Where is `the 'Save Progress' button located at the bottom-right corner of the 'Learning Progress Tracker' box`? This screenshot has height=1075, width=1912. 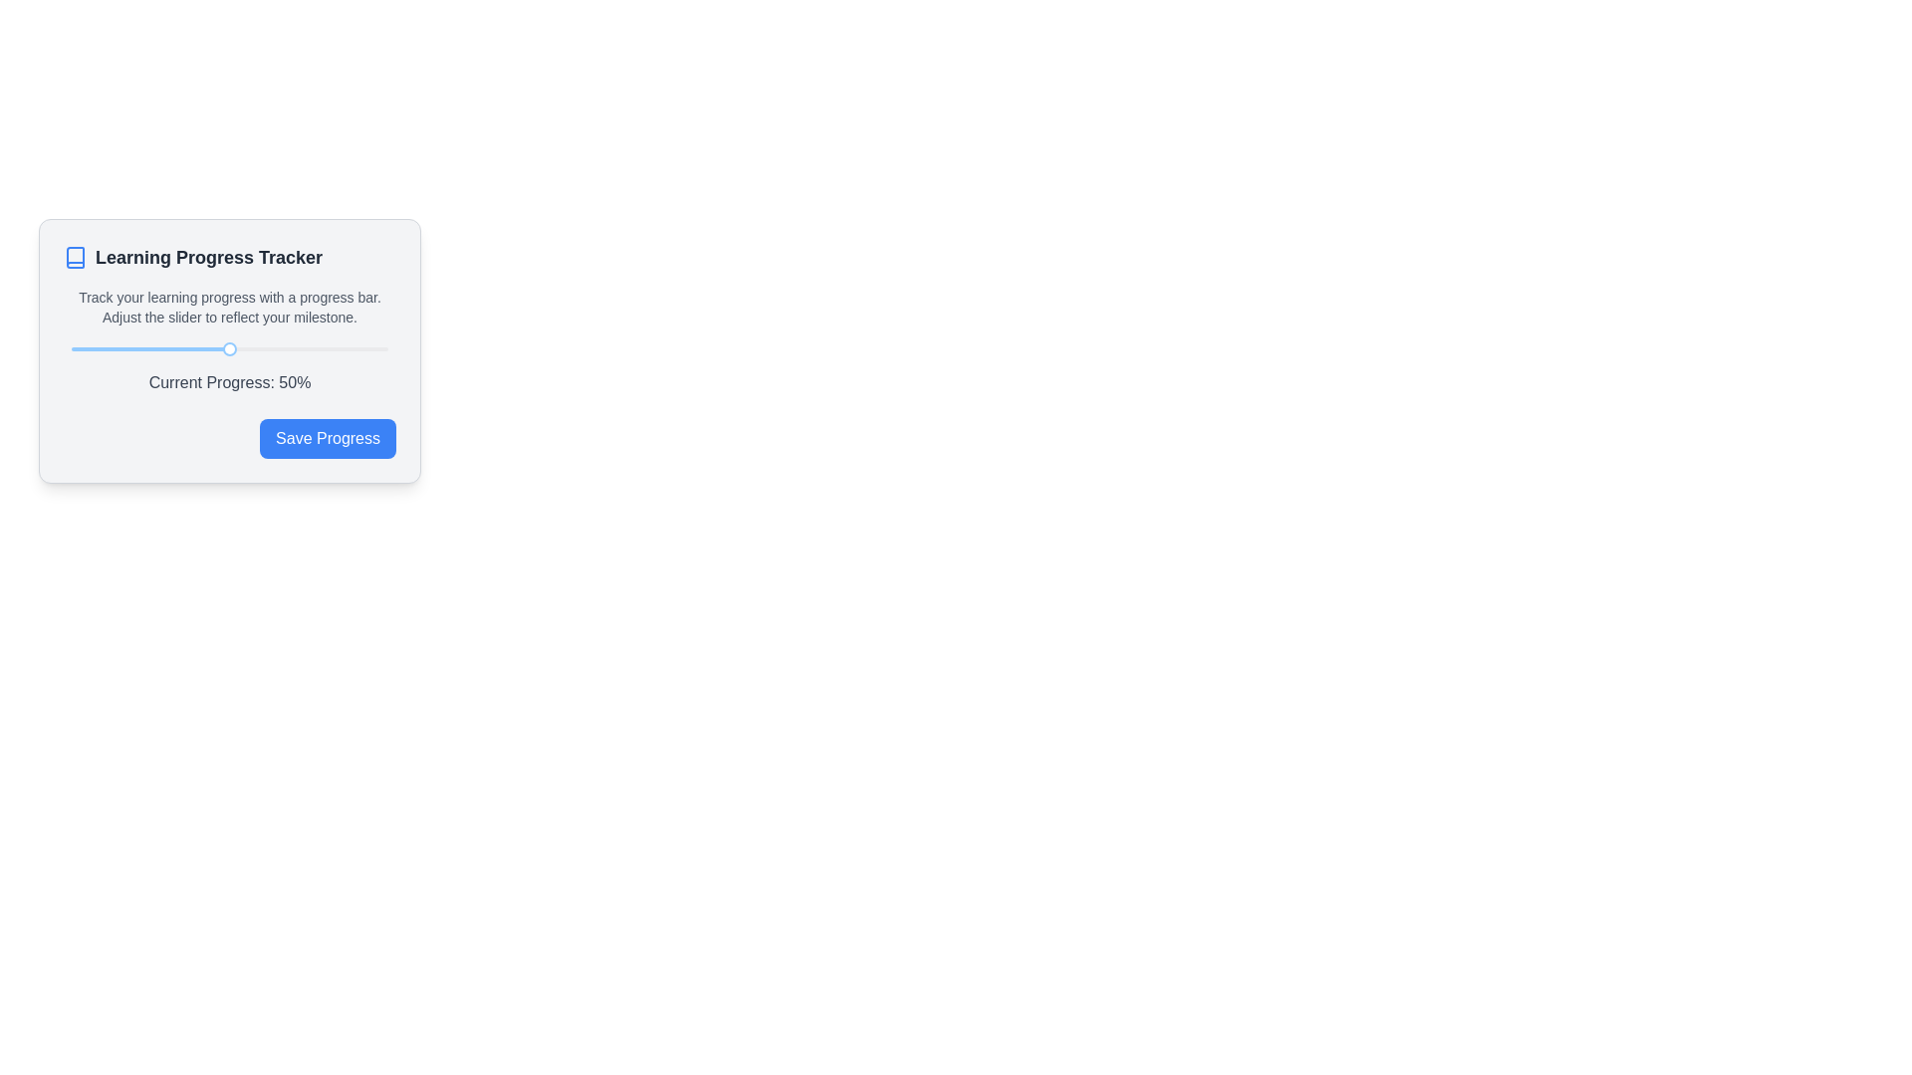 the 'Save Progress' button located at the bottom-right corner of the 'Learning Progress Tracker' box is located at coordinates (328, 437).